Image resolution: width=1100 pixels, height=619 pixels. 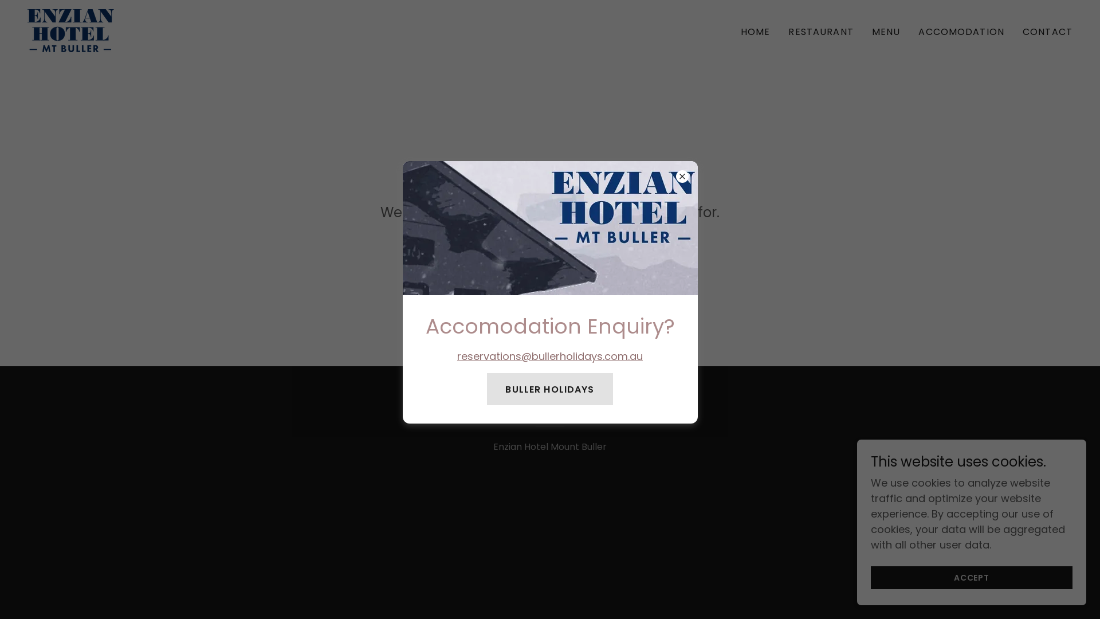 What do you see at coordinates (1047, 32) in the screenshot?
I see `'CONTACT'` at bounding box center [1047, 32].